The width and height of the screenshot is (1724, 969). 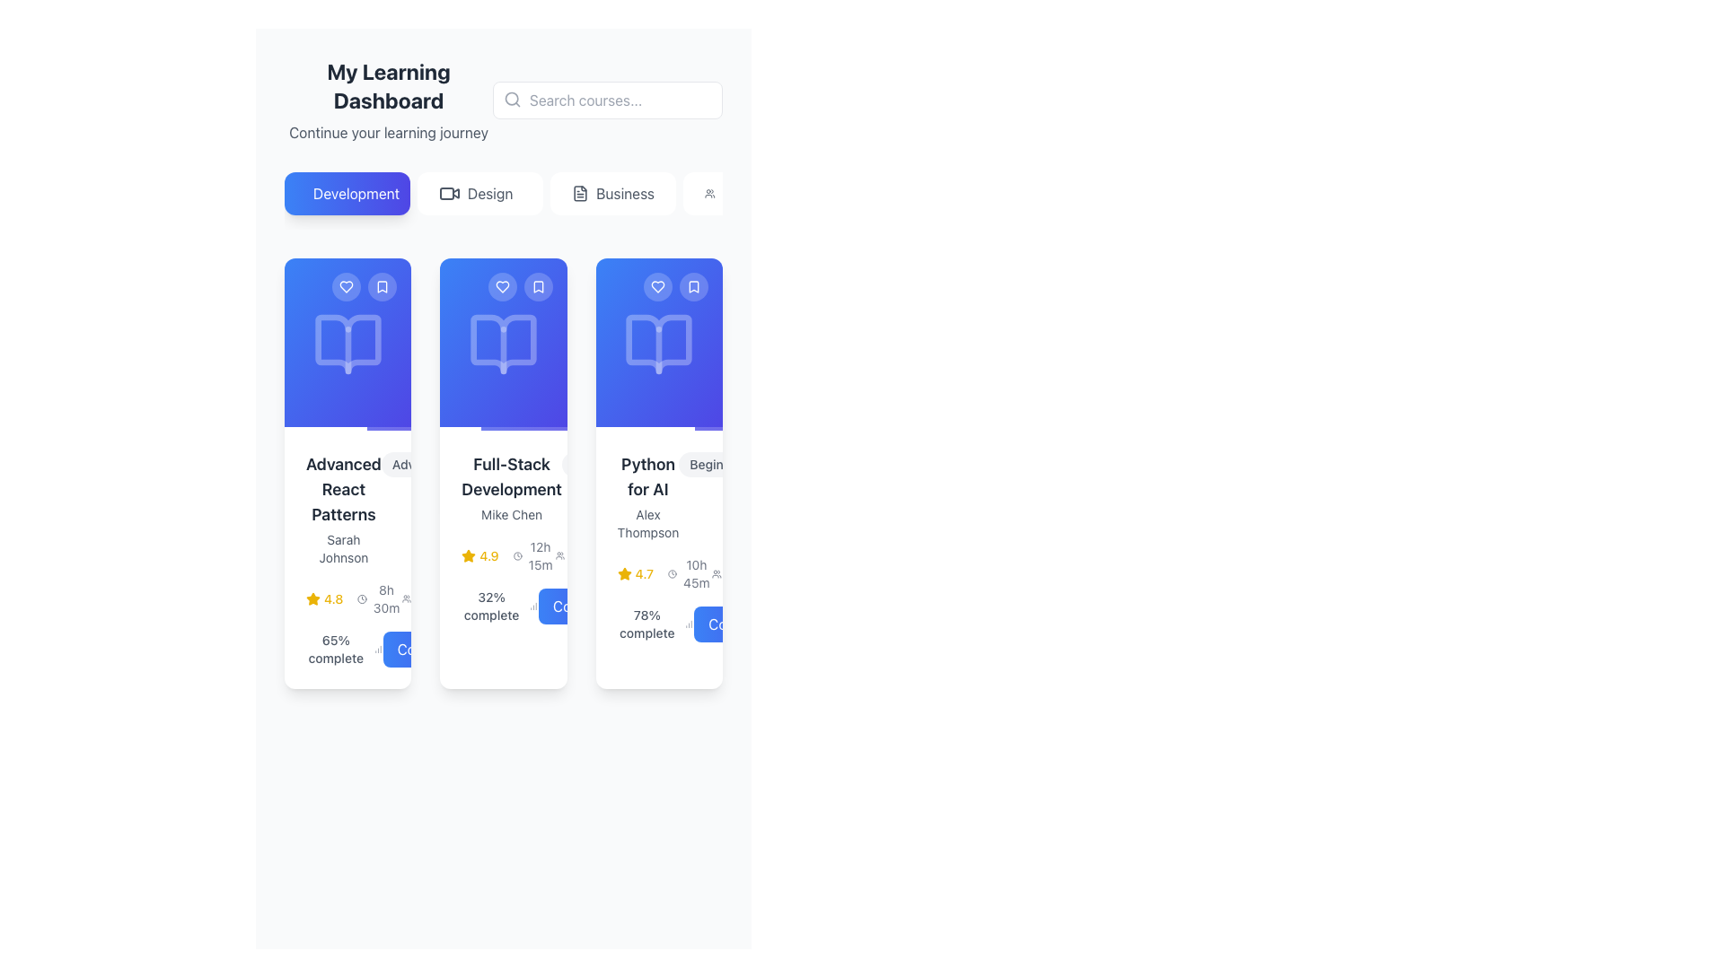 I want to click on the heart icon button, which is an outlined heart shape on a transparent background, located at the top center of the first learning card to favorite or like the course, so click(x=347, y=286).